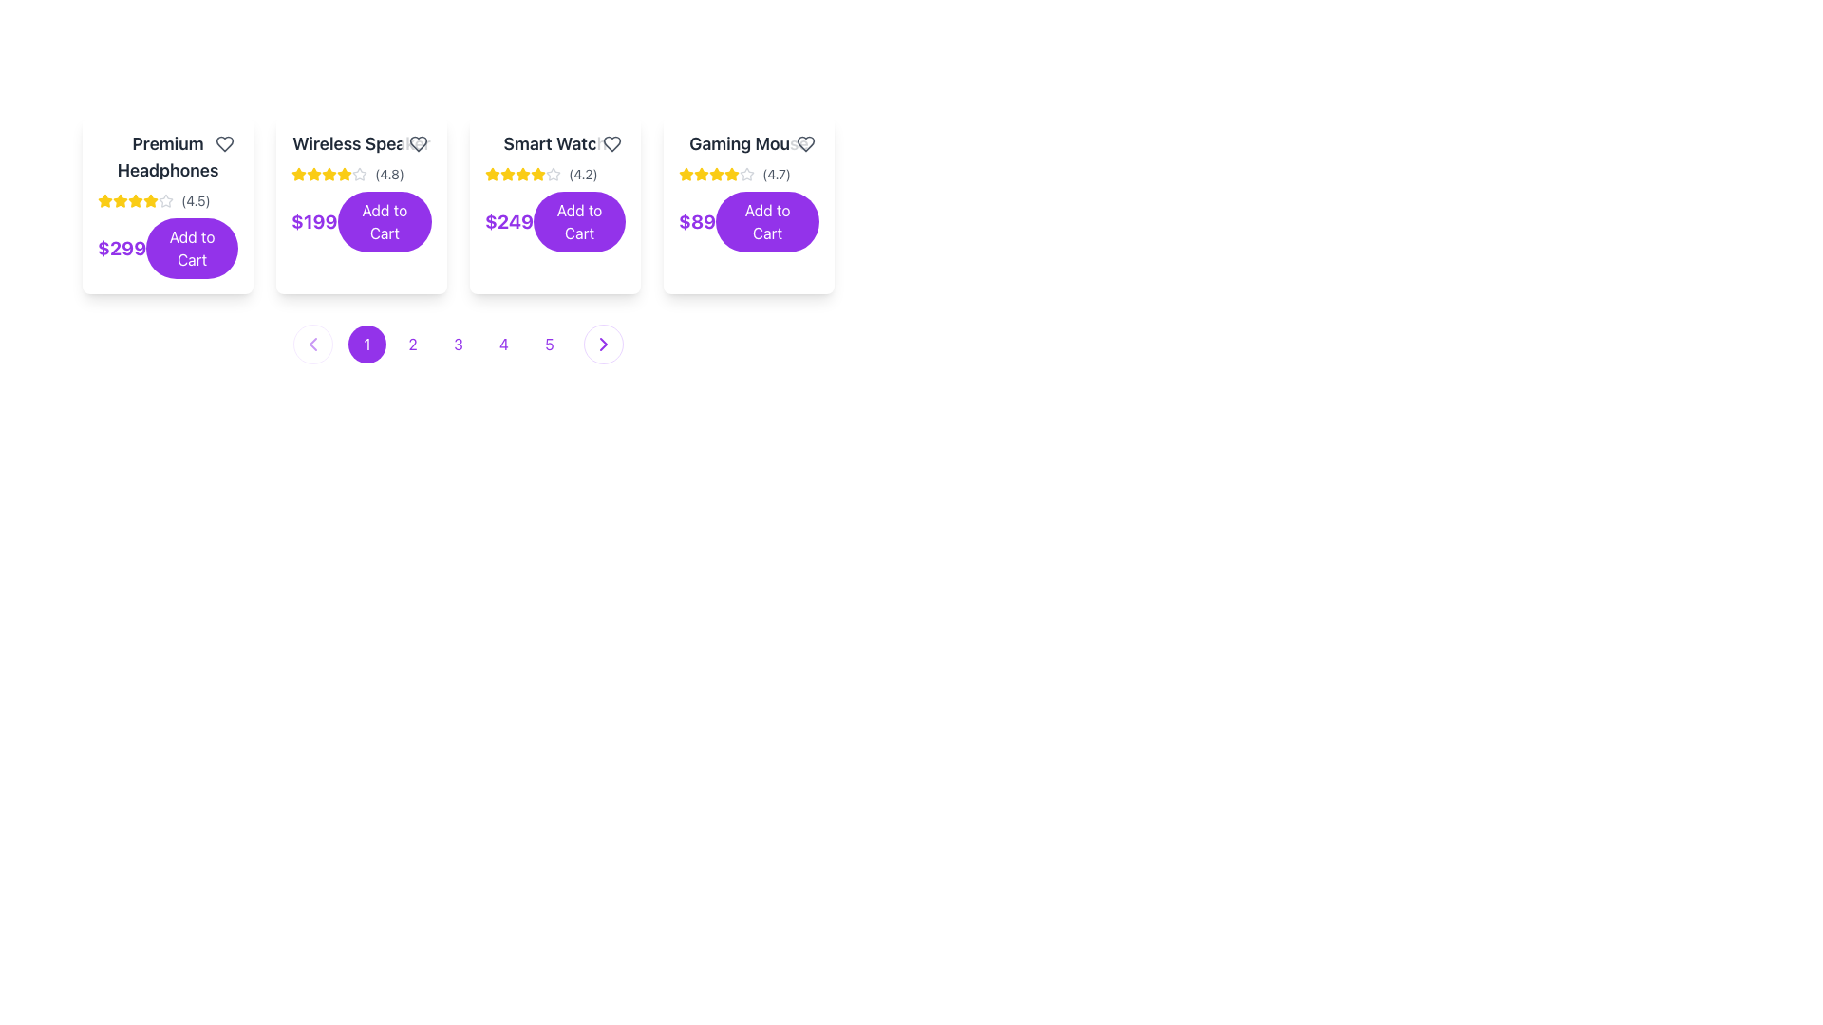 The width and height of the screenshot is (1823, 1025). I want to click on the gray star-shaped icon representing an unselected rating option for the Wireless Speaker product, positioned above the price and below the product name, so click(360, 174).